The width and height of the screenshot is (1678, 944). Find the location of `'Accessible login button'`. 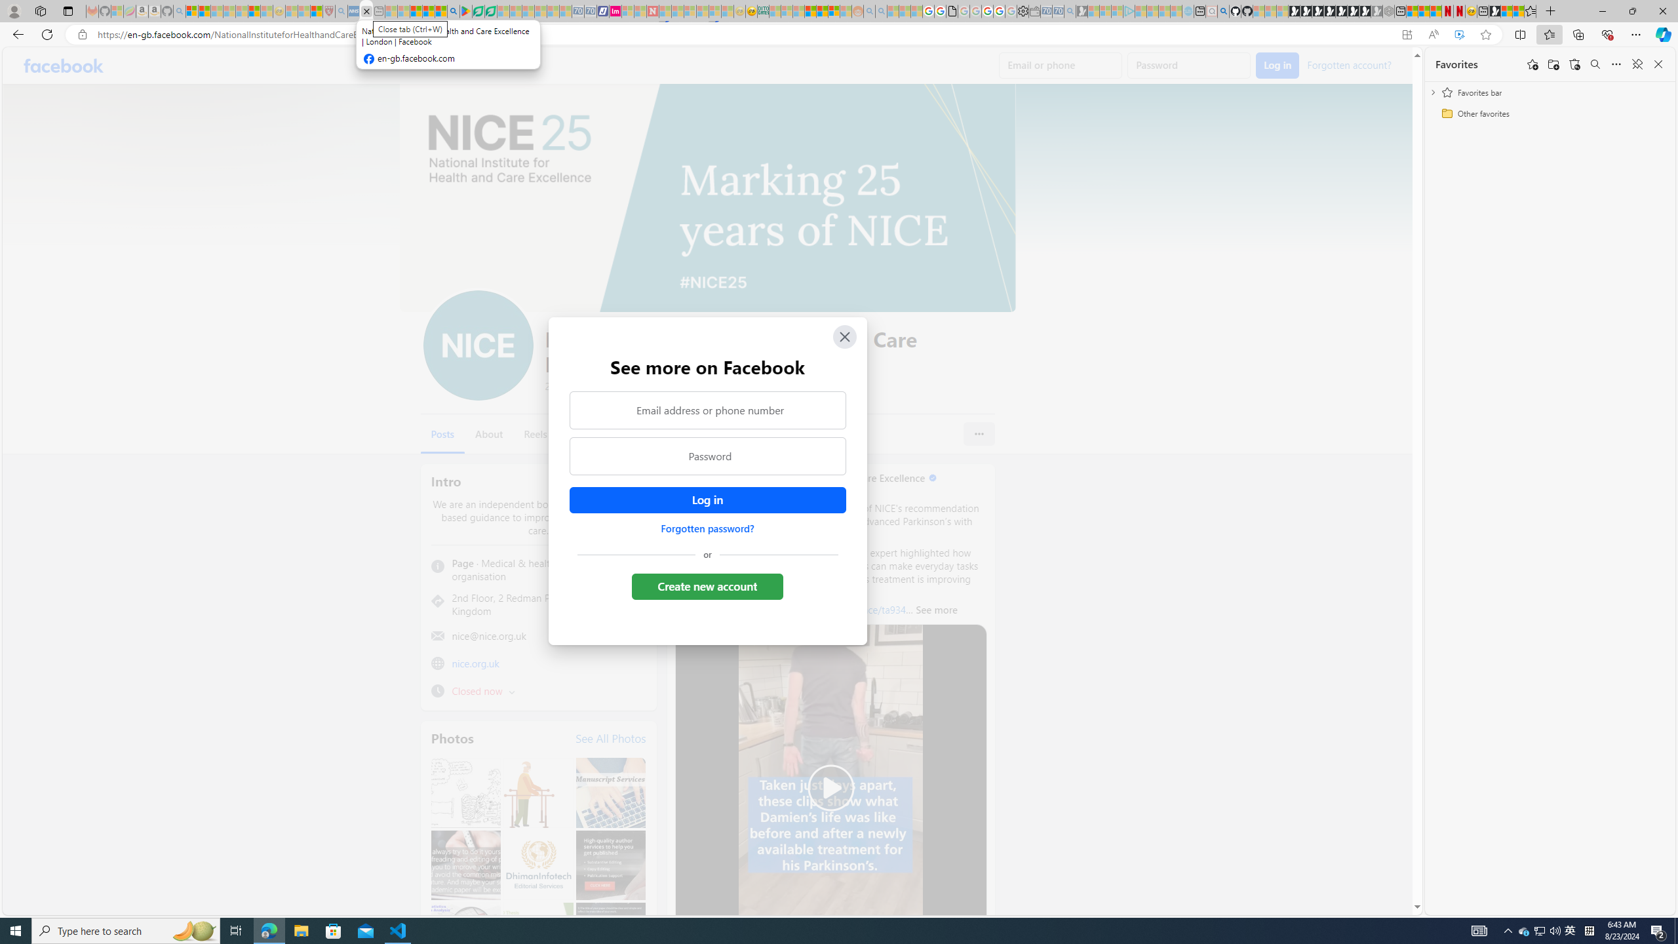

'Accessible login button' is located at coordinates (707, 500).